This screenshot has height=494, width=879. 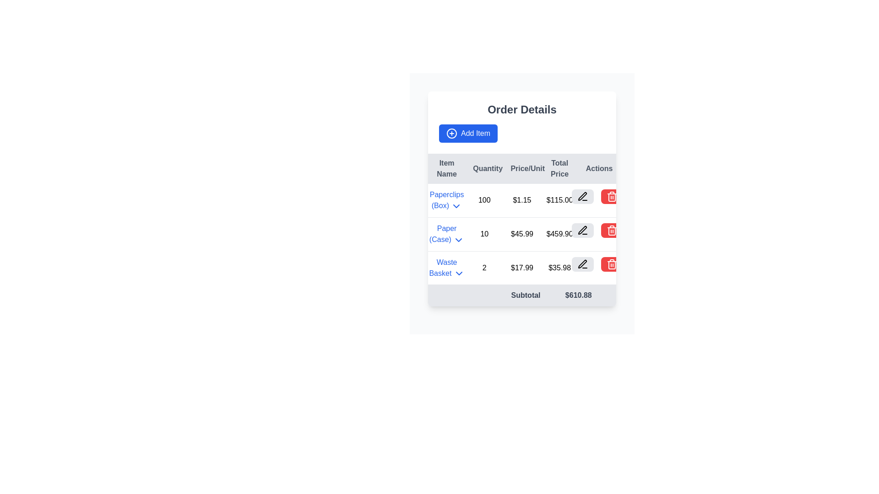 What do you see at coordinates (522, 295) in the screenshot?
I see `text content displayed in the Text Display with Summary Information located at the bottom of the table layout, which shows the subtotal cost of the items listed` at bounding box center [522, 295].